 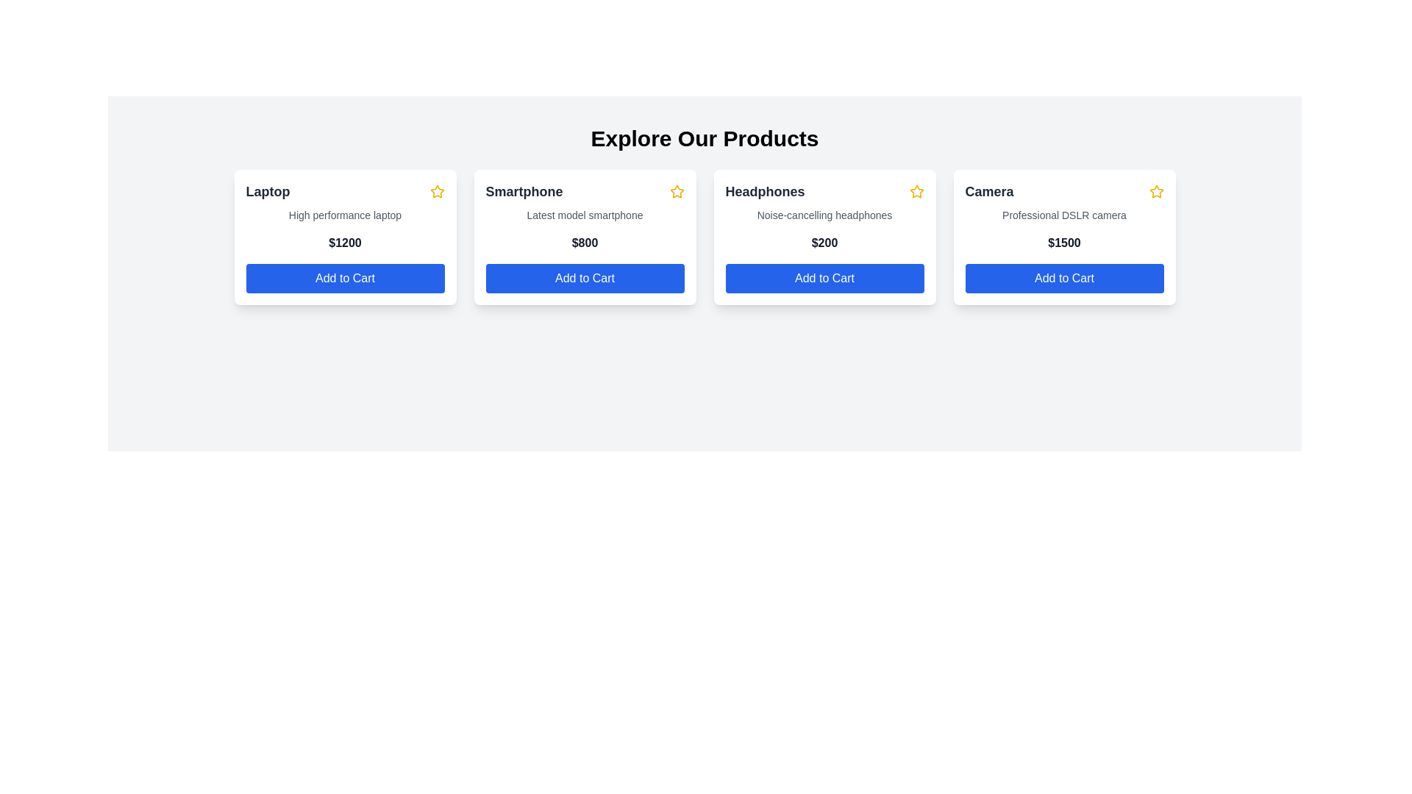 What do you see at coordinates (1064, 278) in the screenshot?
I see `the 'Add to Cart' button with a blue background and white text located at the bottom of the camera product card to observe the hover effect` at bounding box center [1064, 278].